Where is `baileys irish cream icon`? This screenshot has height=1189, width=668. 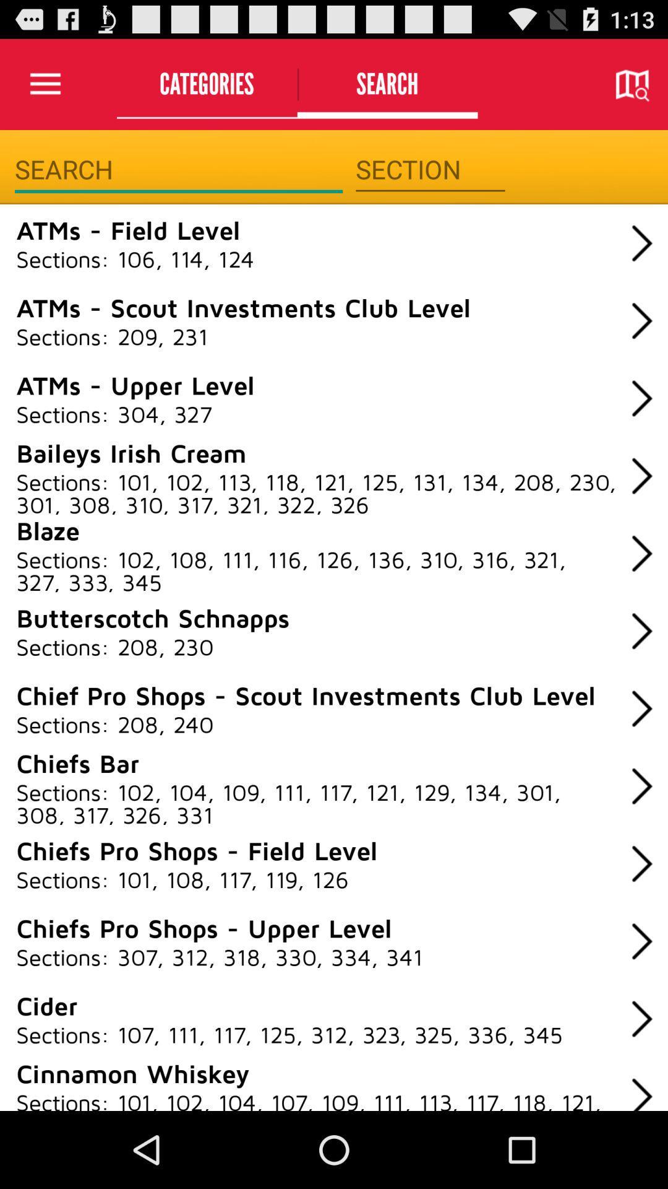 baileys irish cream icon is located at coordinates (131, 451).